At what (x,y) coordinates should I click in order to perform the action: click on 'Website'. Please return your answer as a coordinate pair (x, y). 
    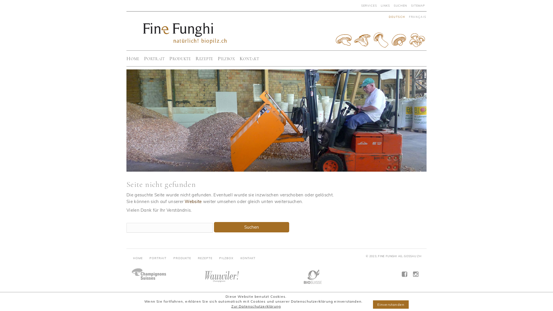
    Looking at the image, I should click on (193, 201).